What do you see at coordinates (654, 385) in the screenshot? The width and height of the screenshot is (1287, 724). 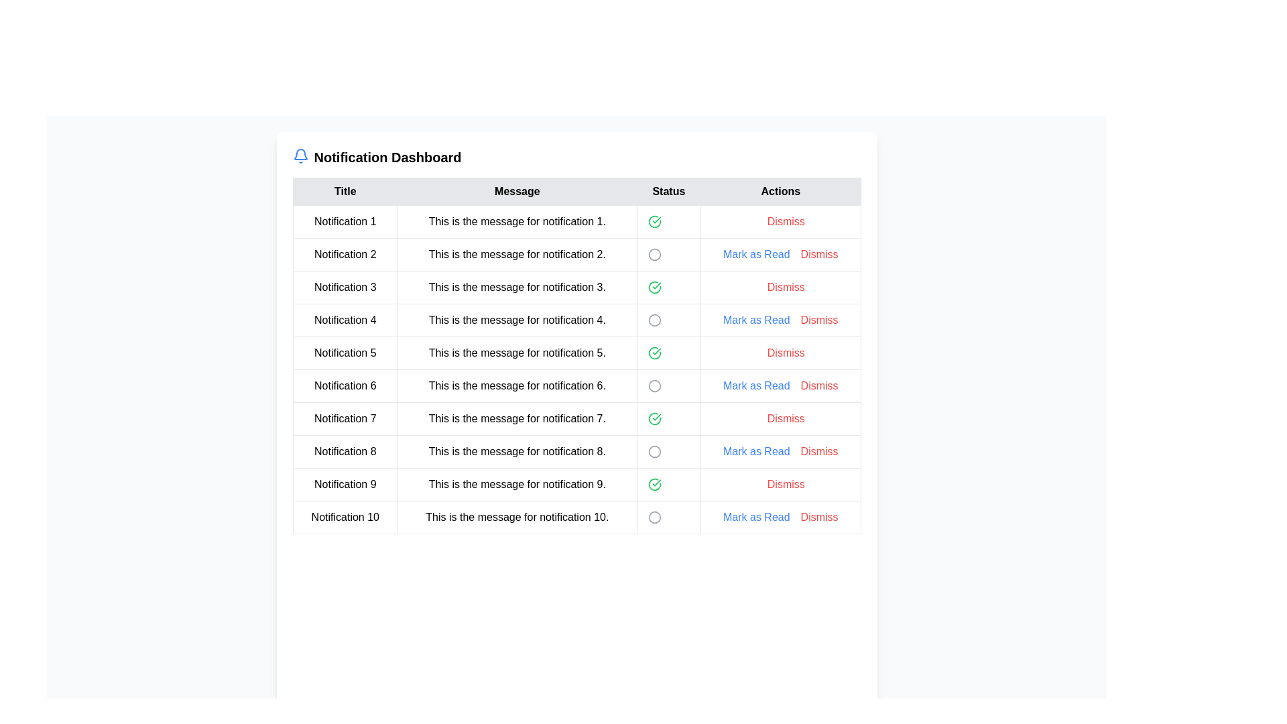 I see `the Status indicator located in the sixth row of the table under the 'Status' column` at bounding box center [654, 385].